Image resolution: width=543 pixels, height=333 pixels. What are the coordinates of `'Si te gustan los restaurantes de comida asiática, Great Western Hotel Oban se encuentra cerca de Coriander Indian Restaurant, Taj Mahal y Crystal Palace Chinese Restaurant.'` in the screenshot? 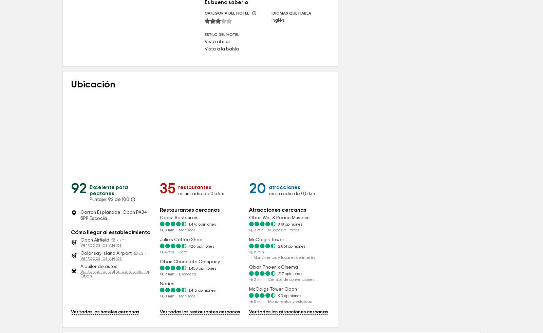 It's located at (132, 93).